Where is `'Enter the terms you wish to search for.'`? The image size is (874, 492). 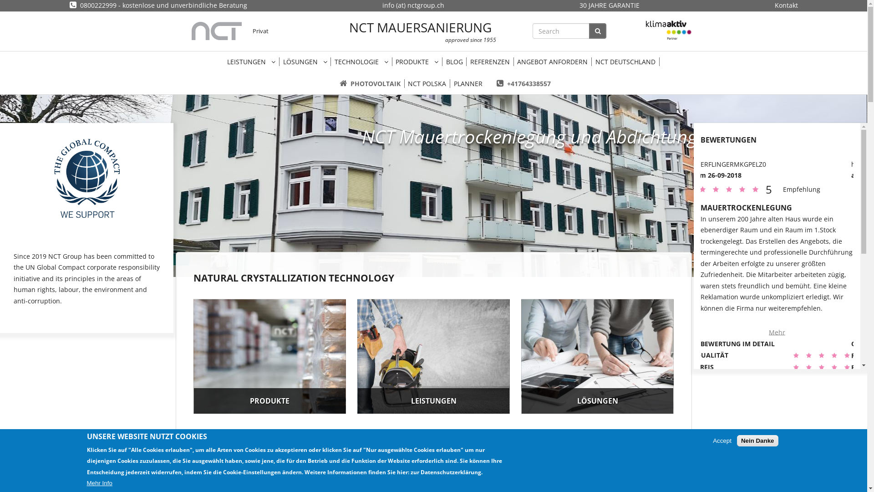 'Enter the terms you wish to search for.' is located at coordinates (560, 31).